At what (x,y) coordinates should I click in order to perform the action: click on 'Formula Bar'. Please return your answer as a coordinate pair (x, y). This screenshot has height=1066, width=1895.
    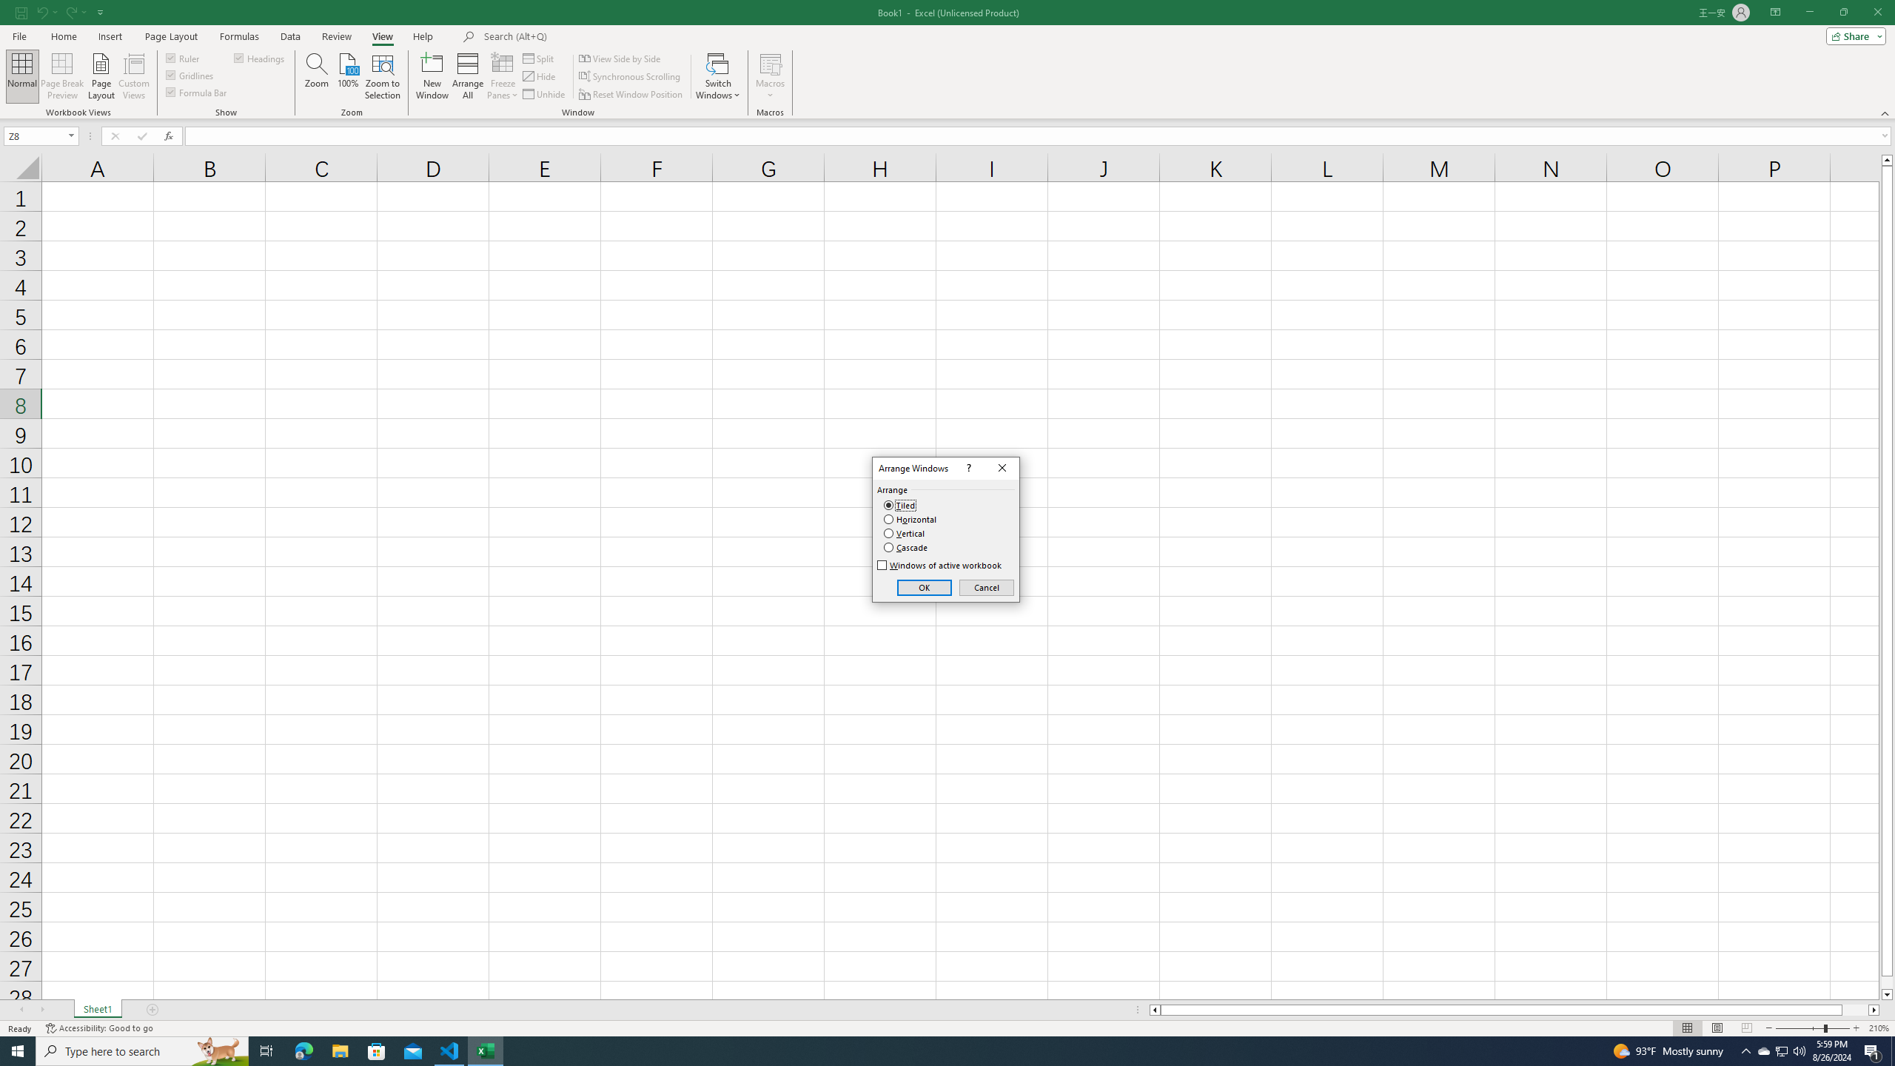
    Looking at the image, I should click on (196, 90).